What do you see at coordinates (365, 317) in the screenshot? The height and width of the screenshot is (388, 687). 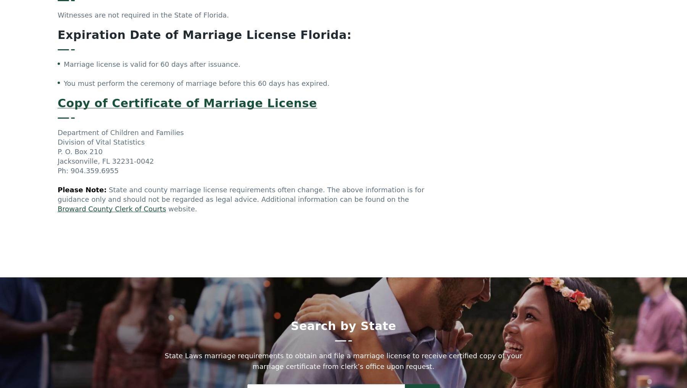 I see `'Illinois Law'` at bounding box center [365, 317].